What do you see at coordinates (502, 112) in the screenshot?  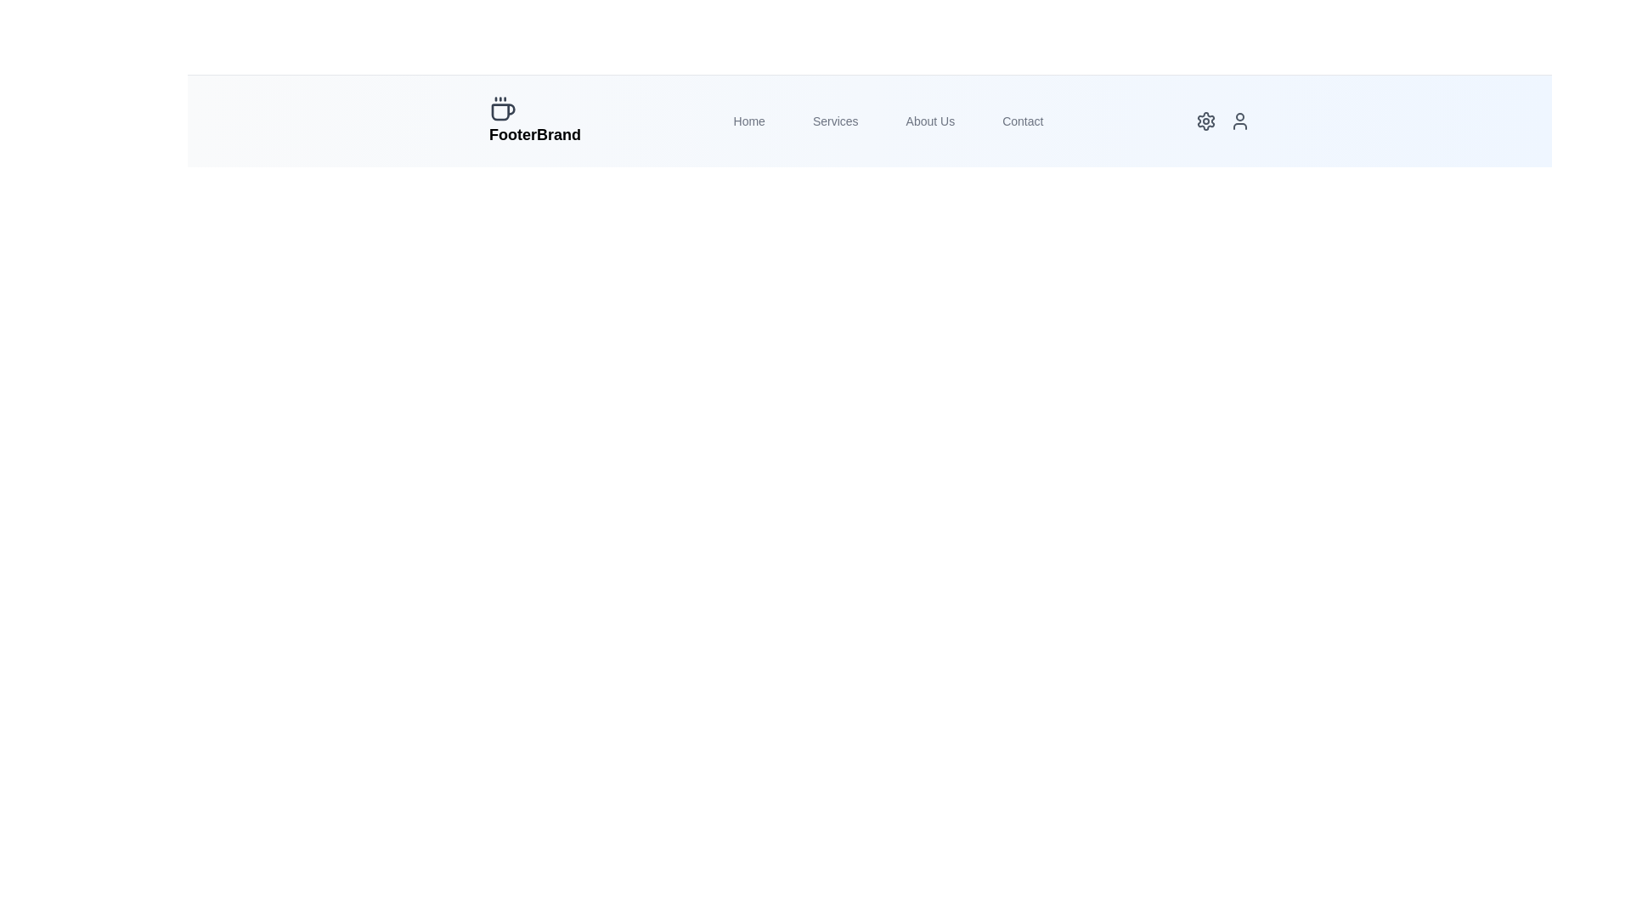 I see `the coffee-related icon located in the top navigation bar towards the right side` at bounding box center [502, 112].